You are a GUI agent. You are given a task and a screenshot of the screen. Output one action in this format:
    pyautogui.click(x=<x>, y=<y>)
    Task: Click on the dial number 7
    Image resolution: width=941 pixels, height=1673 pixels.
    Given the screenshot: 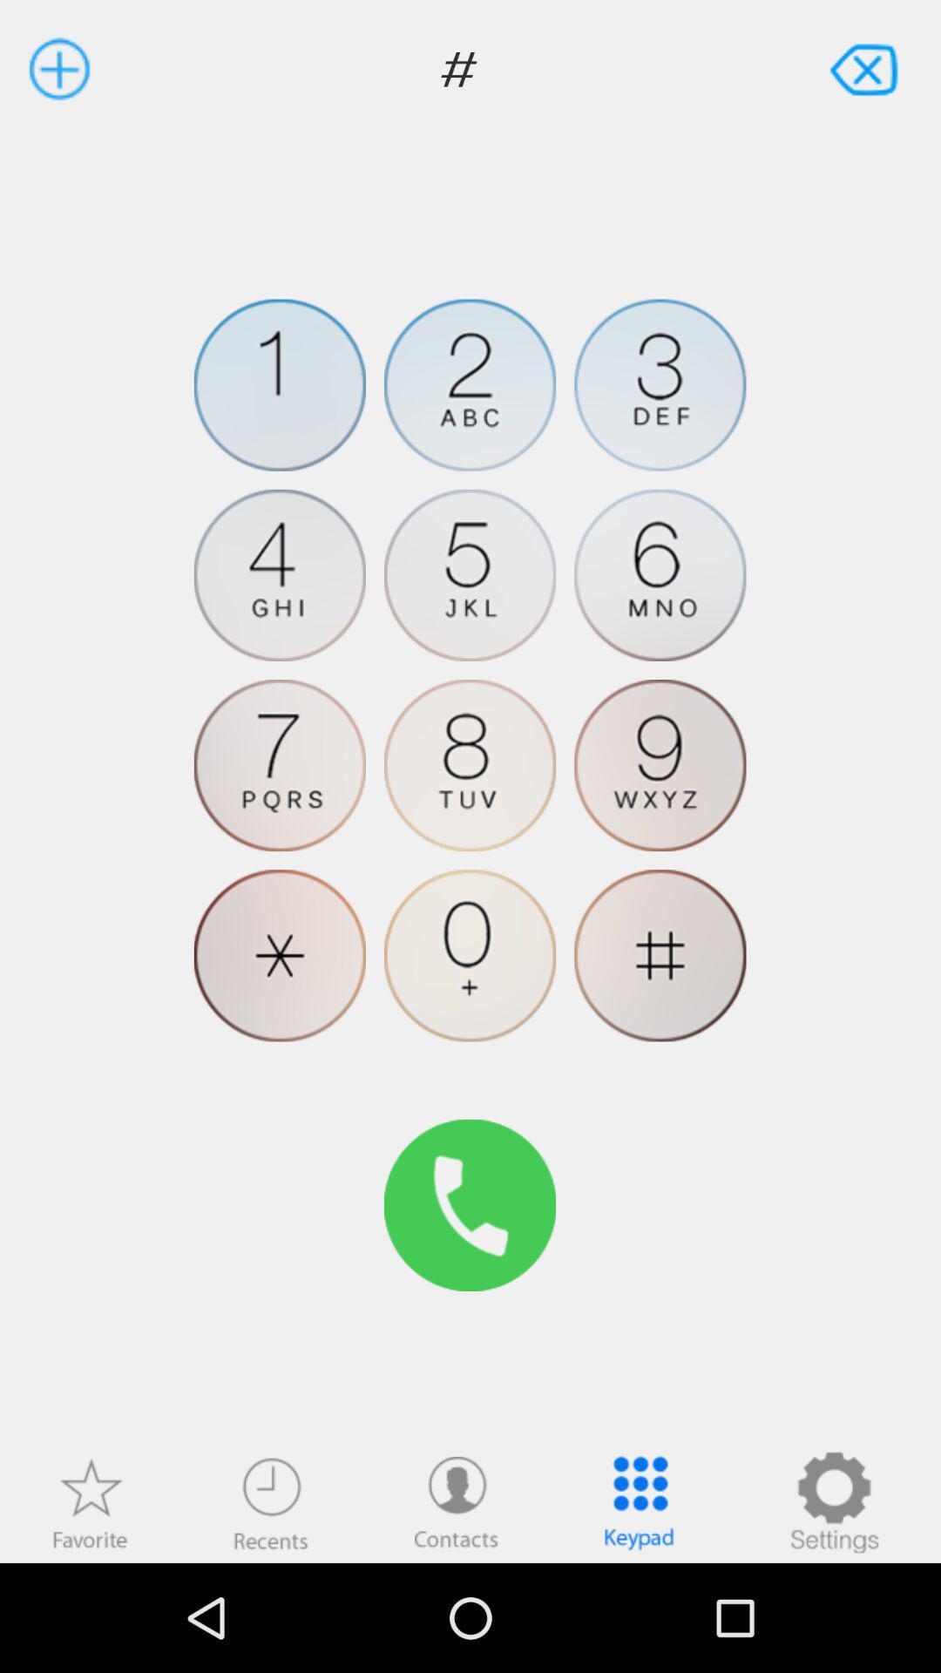 What is the action you would take?
    pyautogui.click(x=279, y=765)
    